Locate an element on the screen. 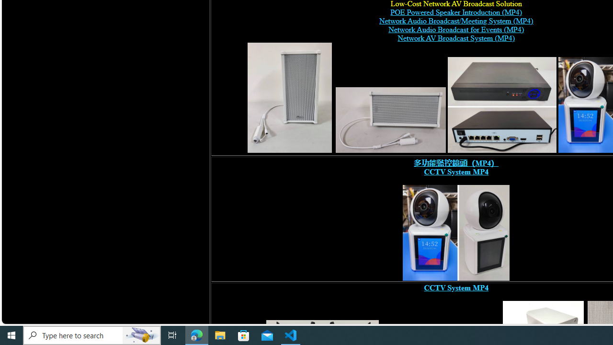  'POE switch, digital network video recorder,' is located at coordinates (501, 105).